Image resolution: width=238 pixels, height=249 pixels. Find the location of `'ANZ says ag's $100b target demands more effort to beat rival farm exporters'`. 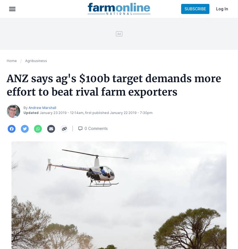

'ANZ says ag's $100b target demands more effort to beat rival farm exporters' is located at coordinates (114, 85).